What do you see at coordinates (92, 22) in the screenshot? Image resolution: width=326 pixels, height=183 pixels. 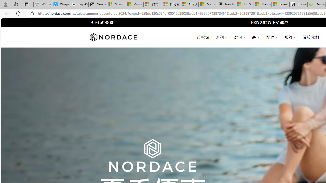 I see `'Follow on Facebook'` at bounding box center [92, 22].